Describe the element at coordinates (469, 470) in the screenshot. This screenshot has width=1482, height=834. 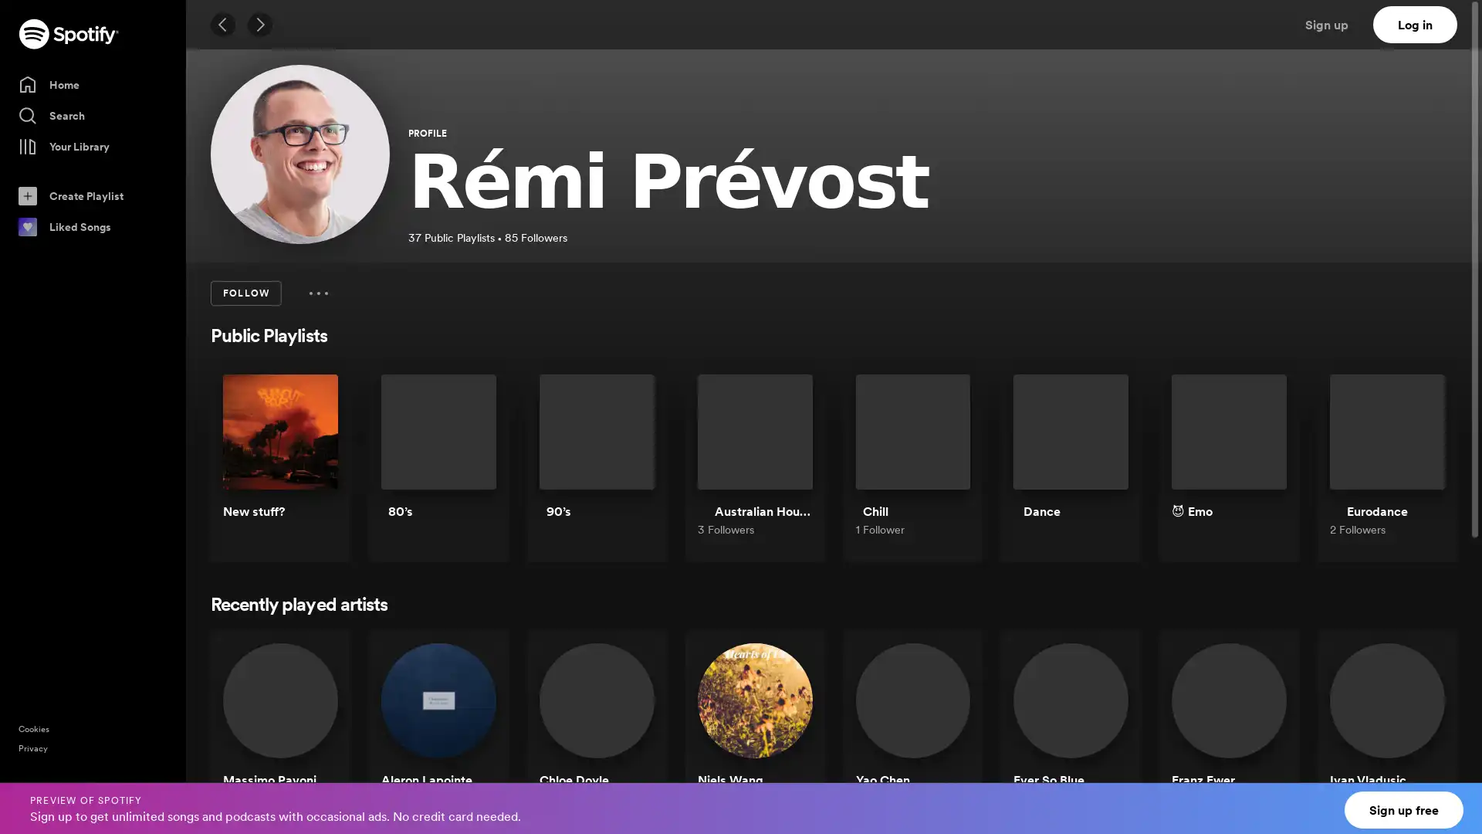
I see `Play 80s` at that location.